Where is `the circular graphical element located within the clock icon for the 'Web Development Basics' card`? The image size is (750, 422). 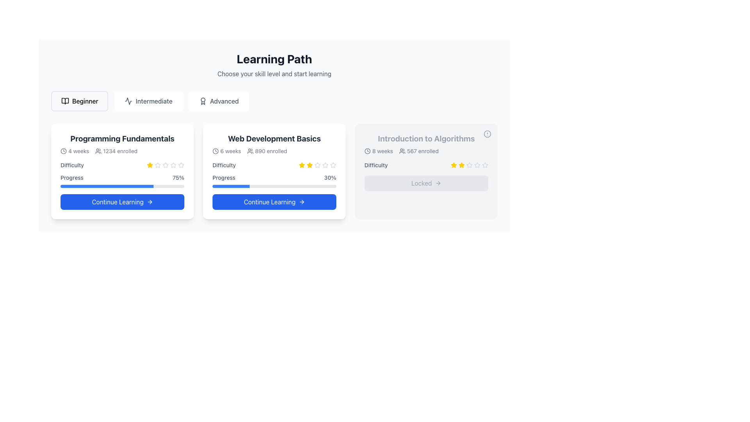 the circular graphical element located within the clock icon for the 'Web Development Basics' card is located at coordinates (64, 151).